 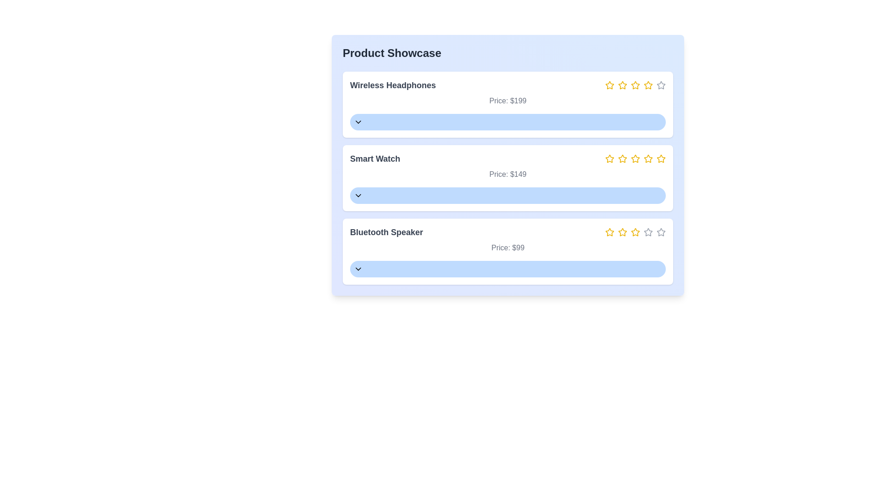 I want to click on the Chevron Down icon located on the left side of the 'Smart Watch' button, so click(x=358, y=195).